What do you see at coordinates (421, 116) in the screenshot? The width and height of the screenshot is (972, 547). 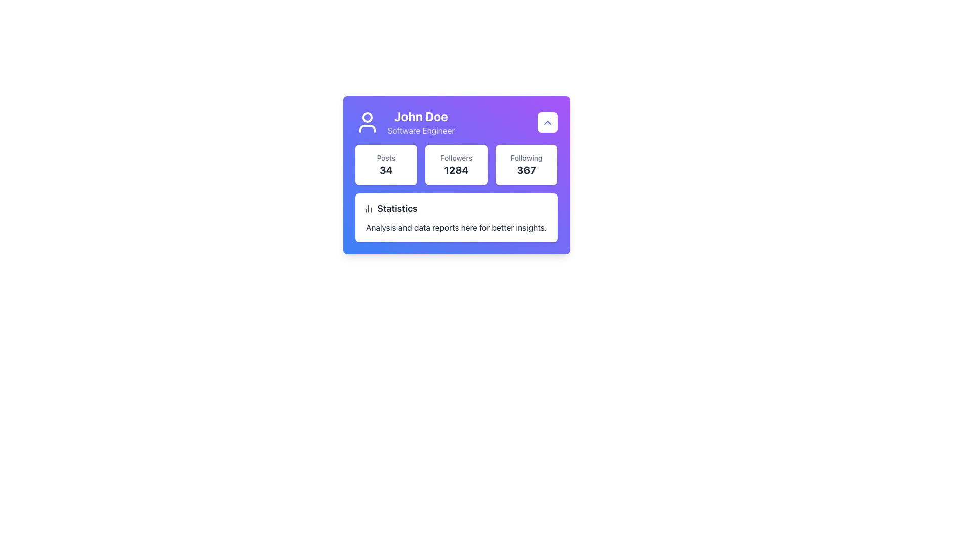 I see `the Text Label displaying the user's name, which is located in the upper section of the card-like panel, centered horizontally above the text 'Software Engineer'` at bounding box center [421, 116].